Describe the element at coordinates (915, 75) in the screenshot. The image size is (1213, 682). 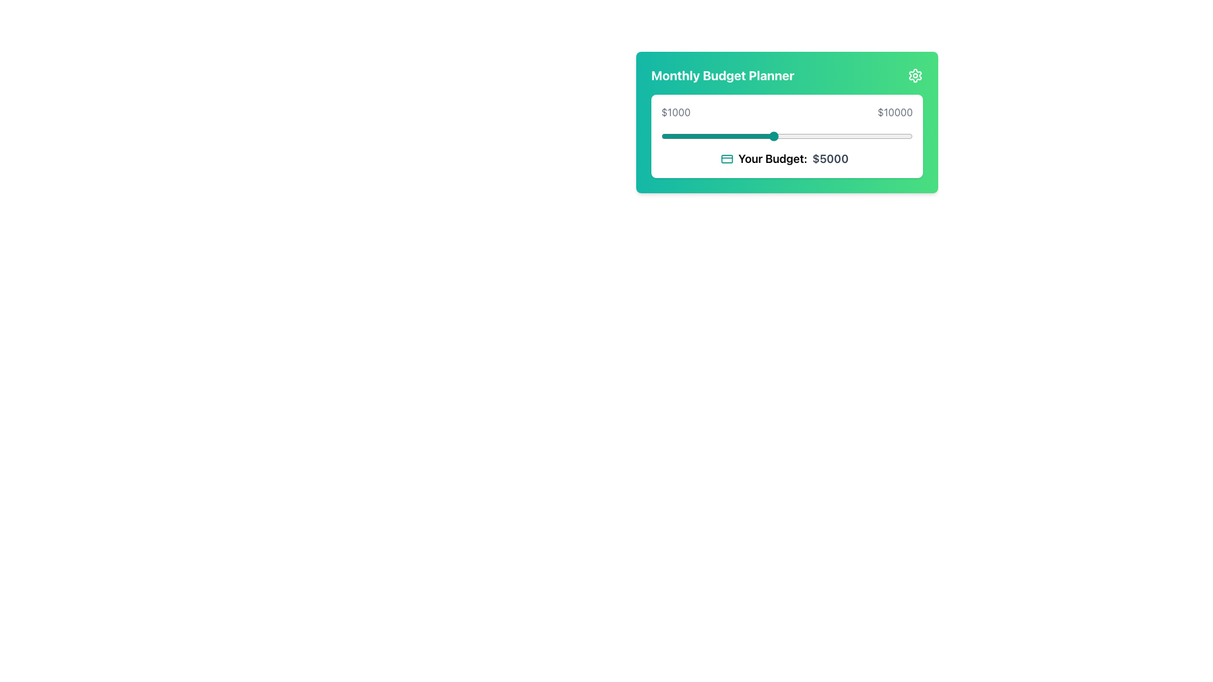
I see `the center of the settings icon located in the top-right corner of the 'Monthly Budget Planner' card` at that location.